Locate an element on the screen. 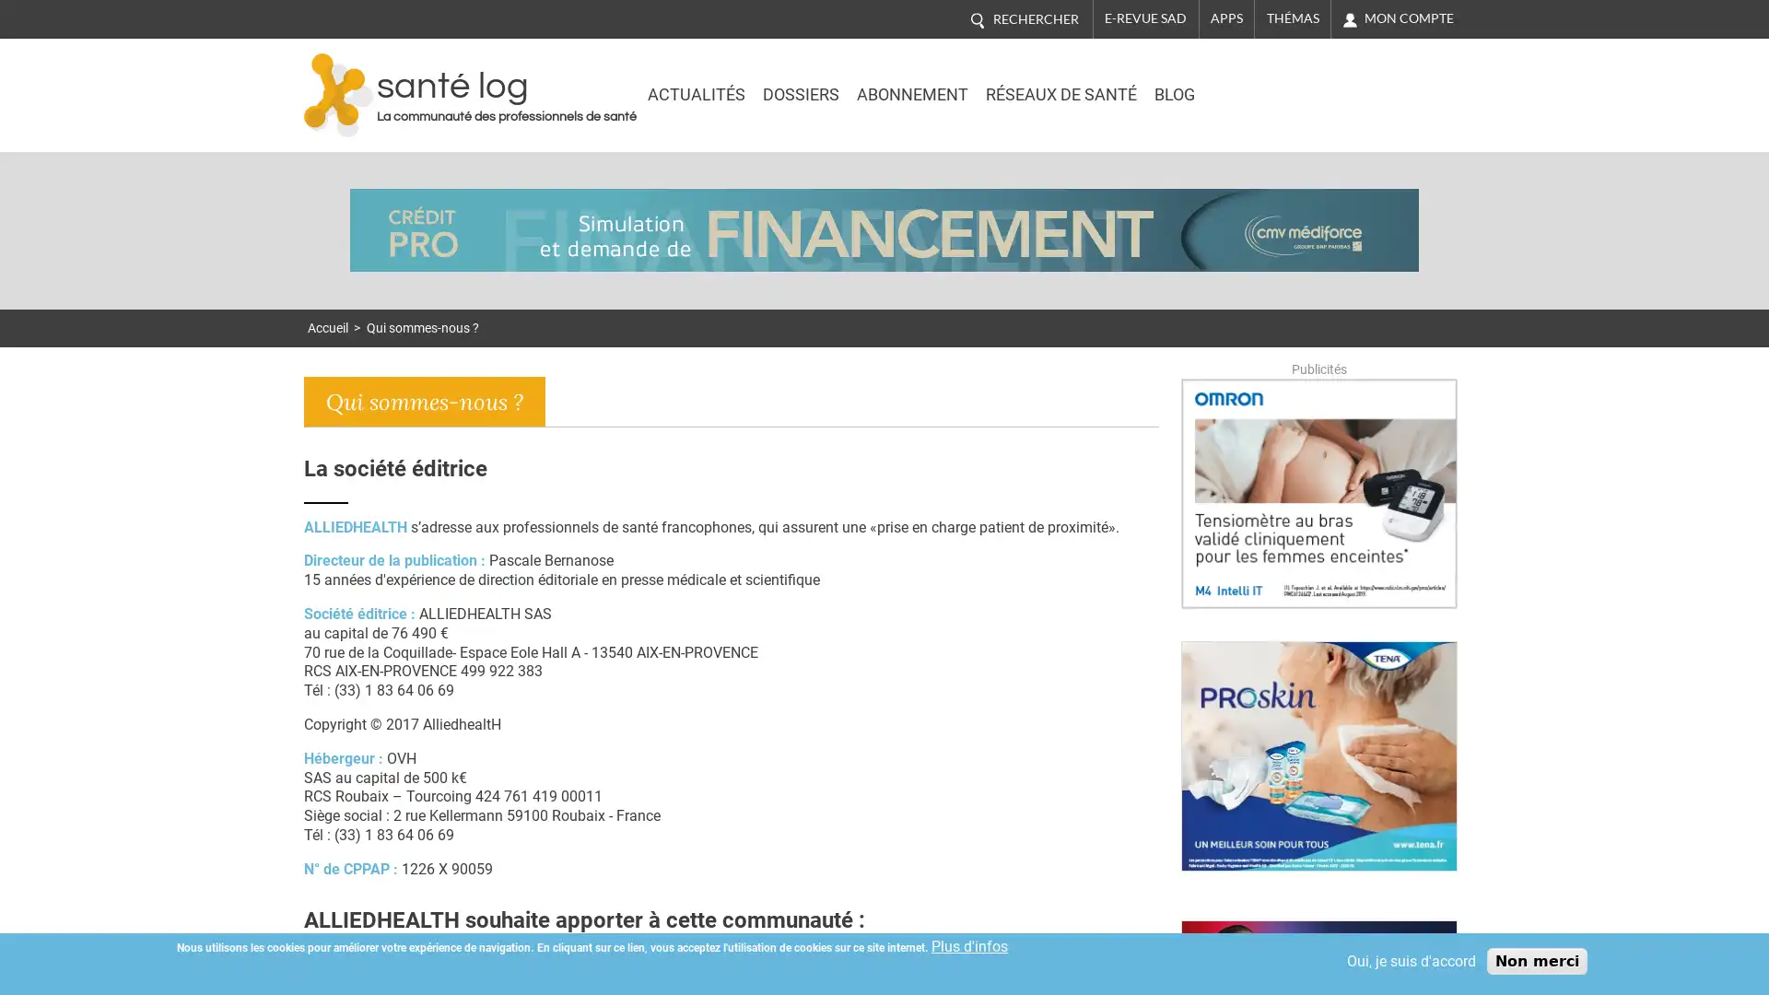 This screenshot has height=995, width=1769. Plus d'infos is located at coordinates (968, 946).